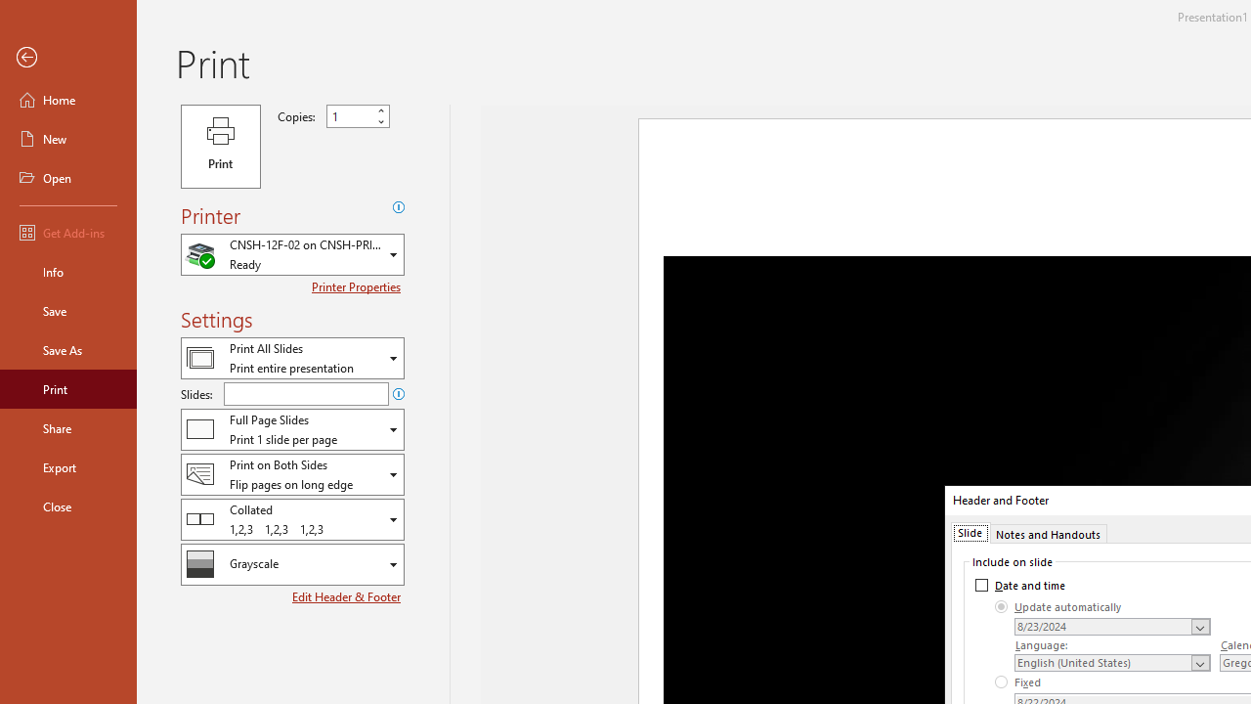  What do you see at coordinates (67, 231) in the screenshot?
I see `'Get Add-ins'` at bounding box center [67, 231].